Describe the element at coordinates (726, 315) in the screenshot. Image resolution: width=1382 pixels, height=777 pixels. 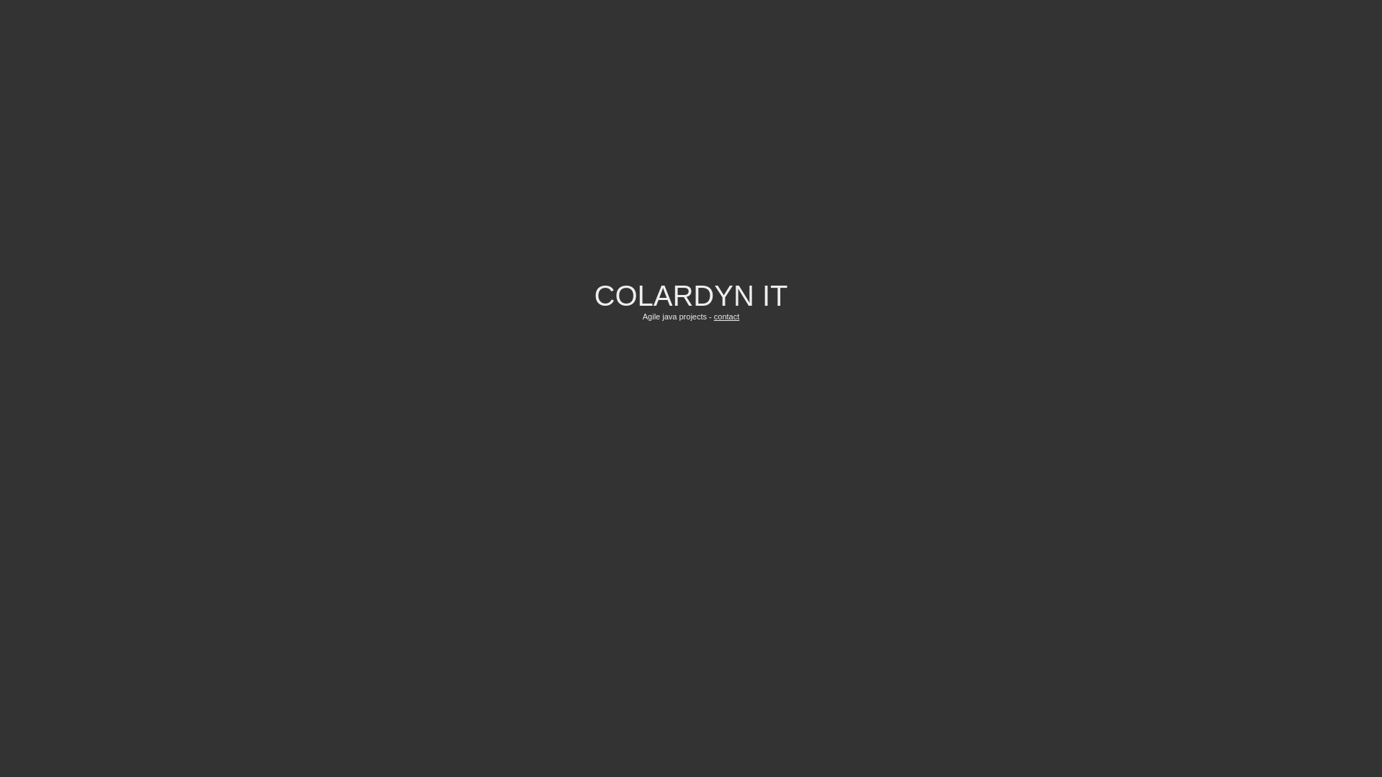
I see `'contact'` at that location.